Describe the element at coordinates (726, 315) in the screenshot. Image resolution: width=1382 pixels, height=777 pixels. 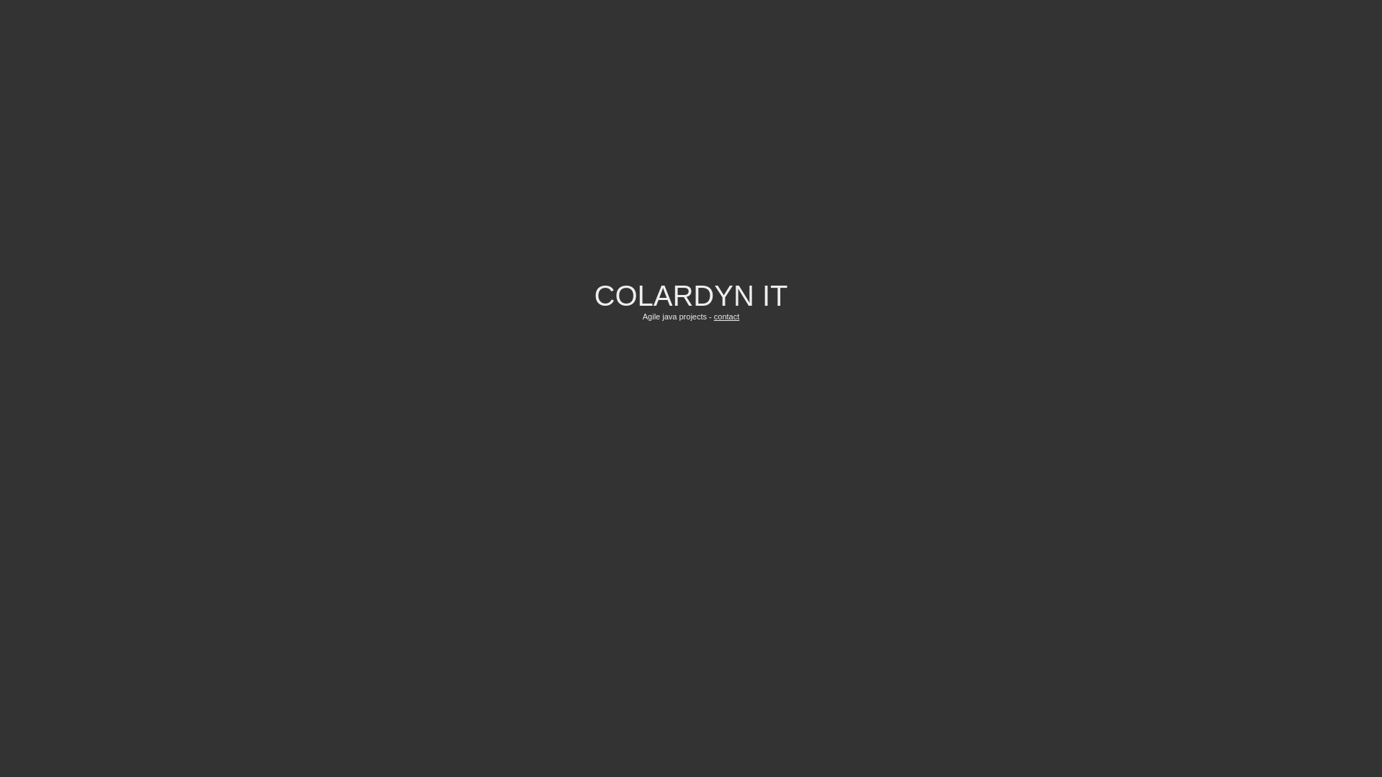
I see `'contact'` at that location.